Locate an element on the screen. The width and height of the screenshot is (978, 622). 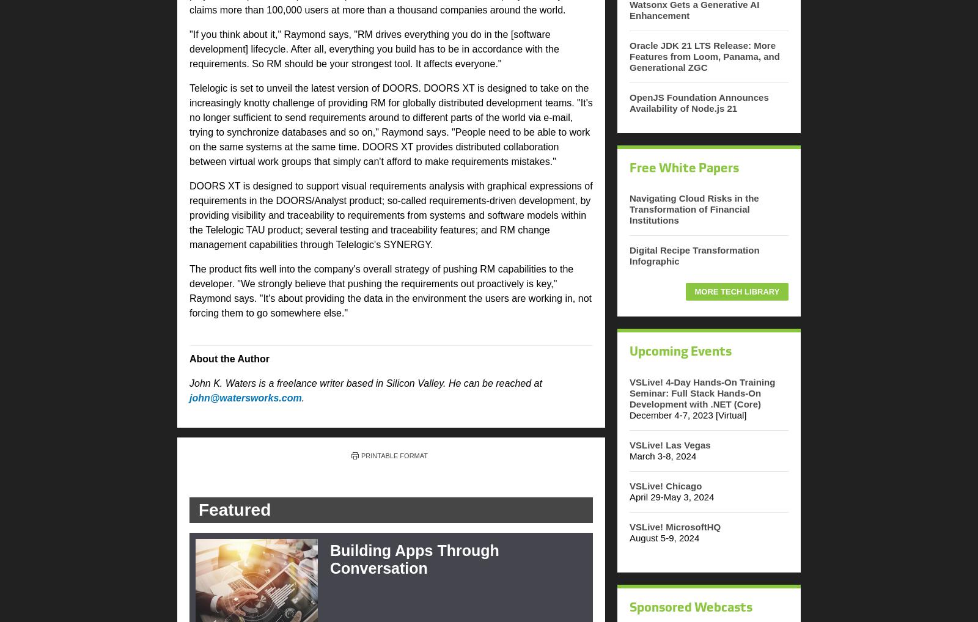
'About the Author' is located at coordinates (229, 359).